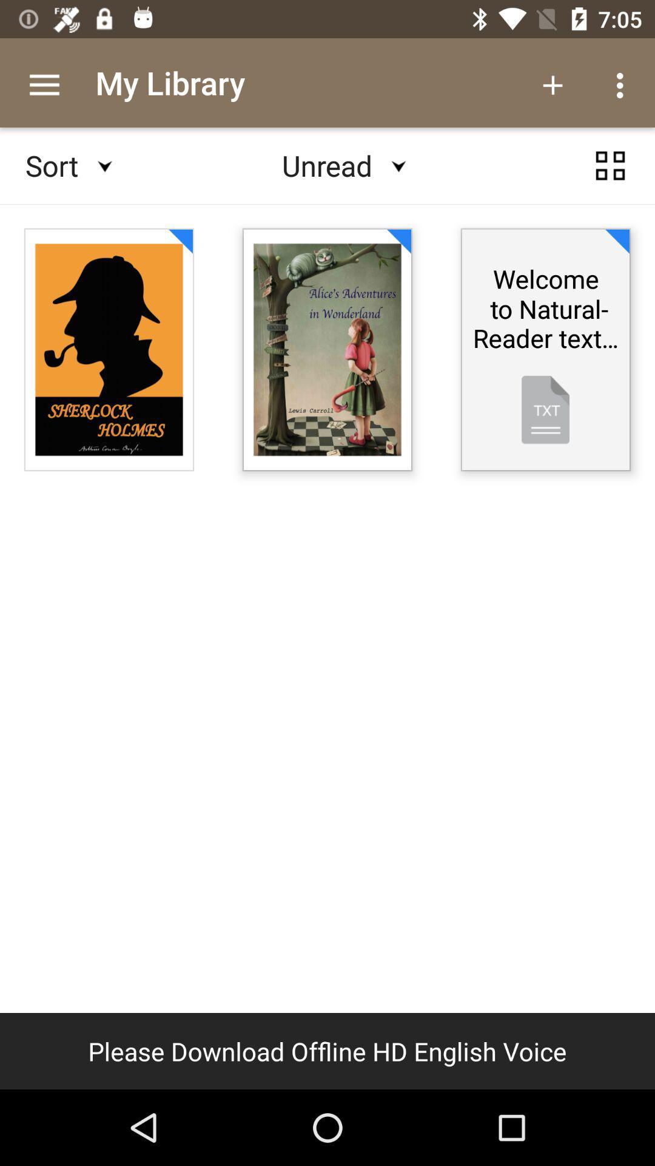  I want to click on save, so click(610, 165).